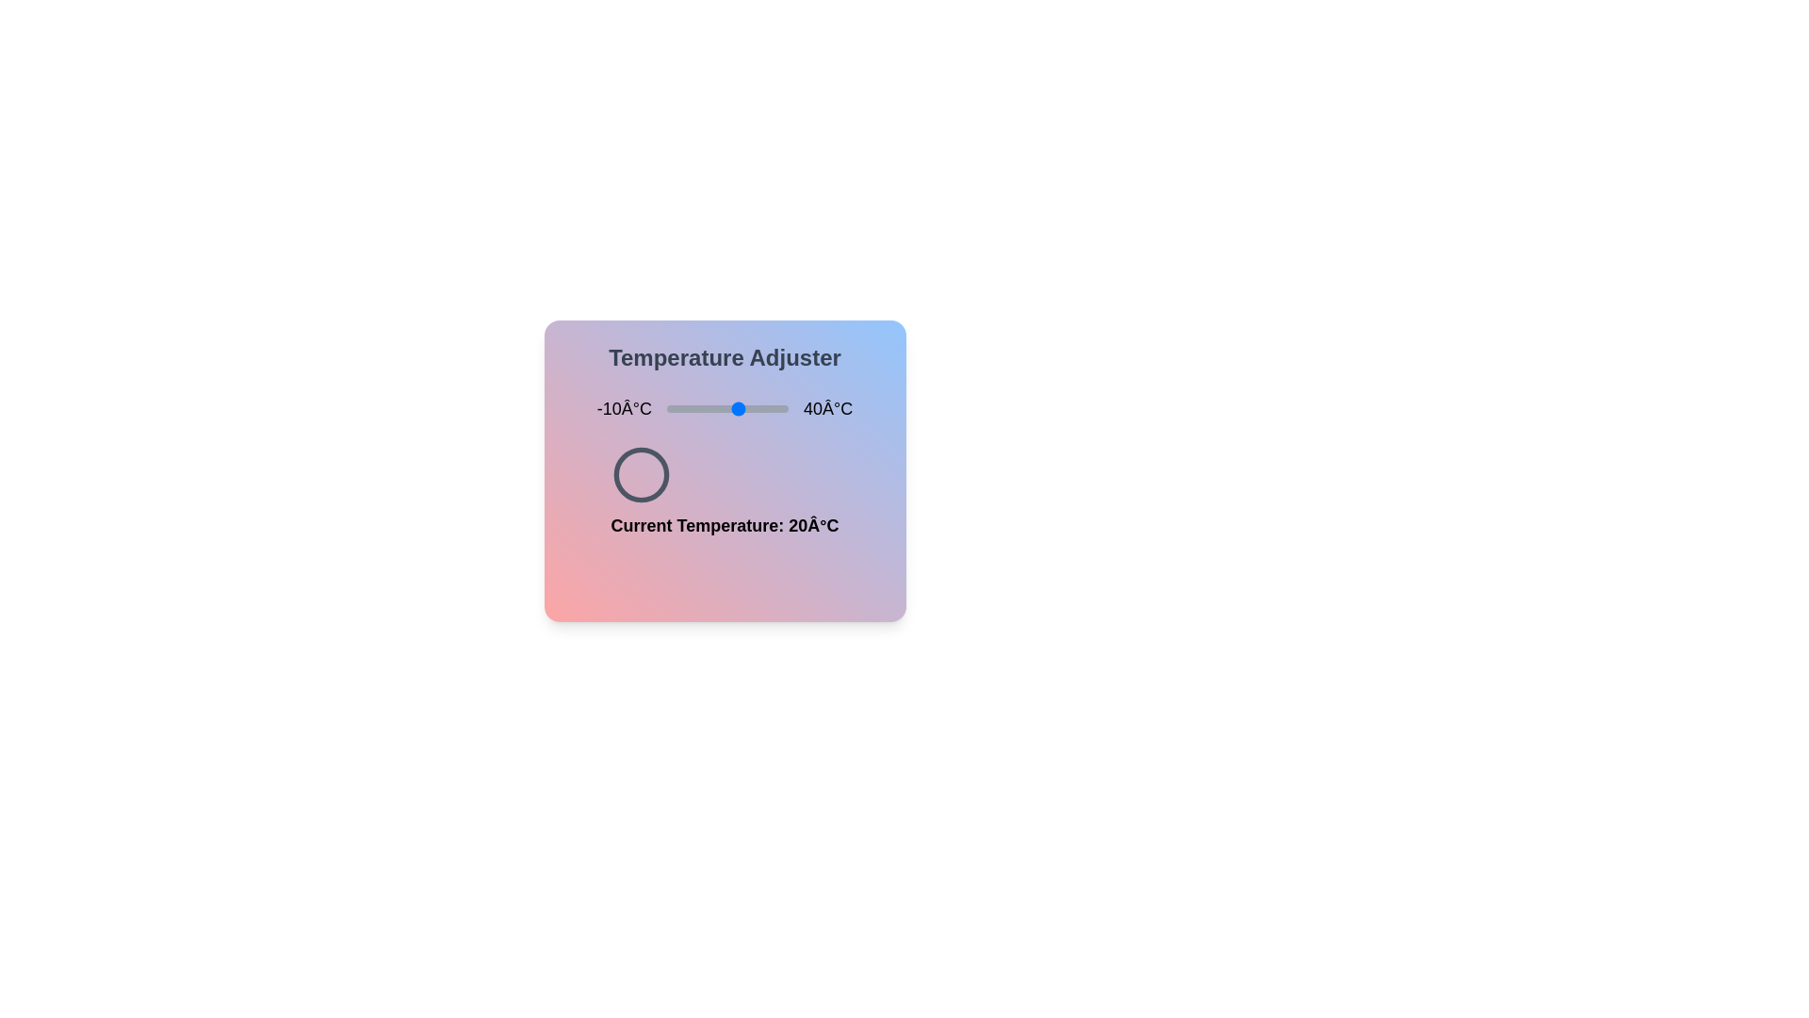 The height and width of the screenshot is (1018, 1809). What do you see at coordinates (712, 408) in the screenshot?
I see `the temperature slider to 9°C` at bounding box center [712, 408].